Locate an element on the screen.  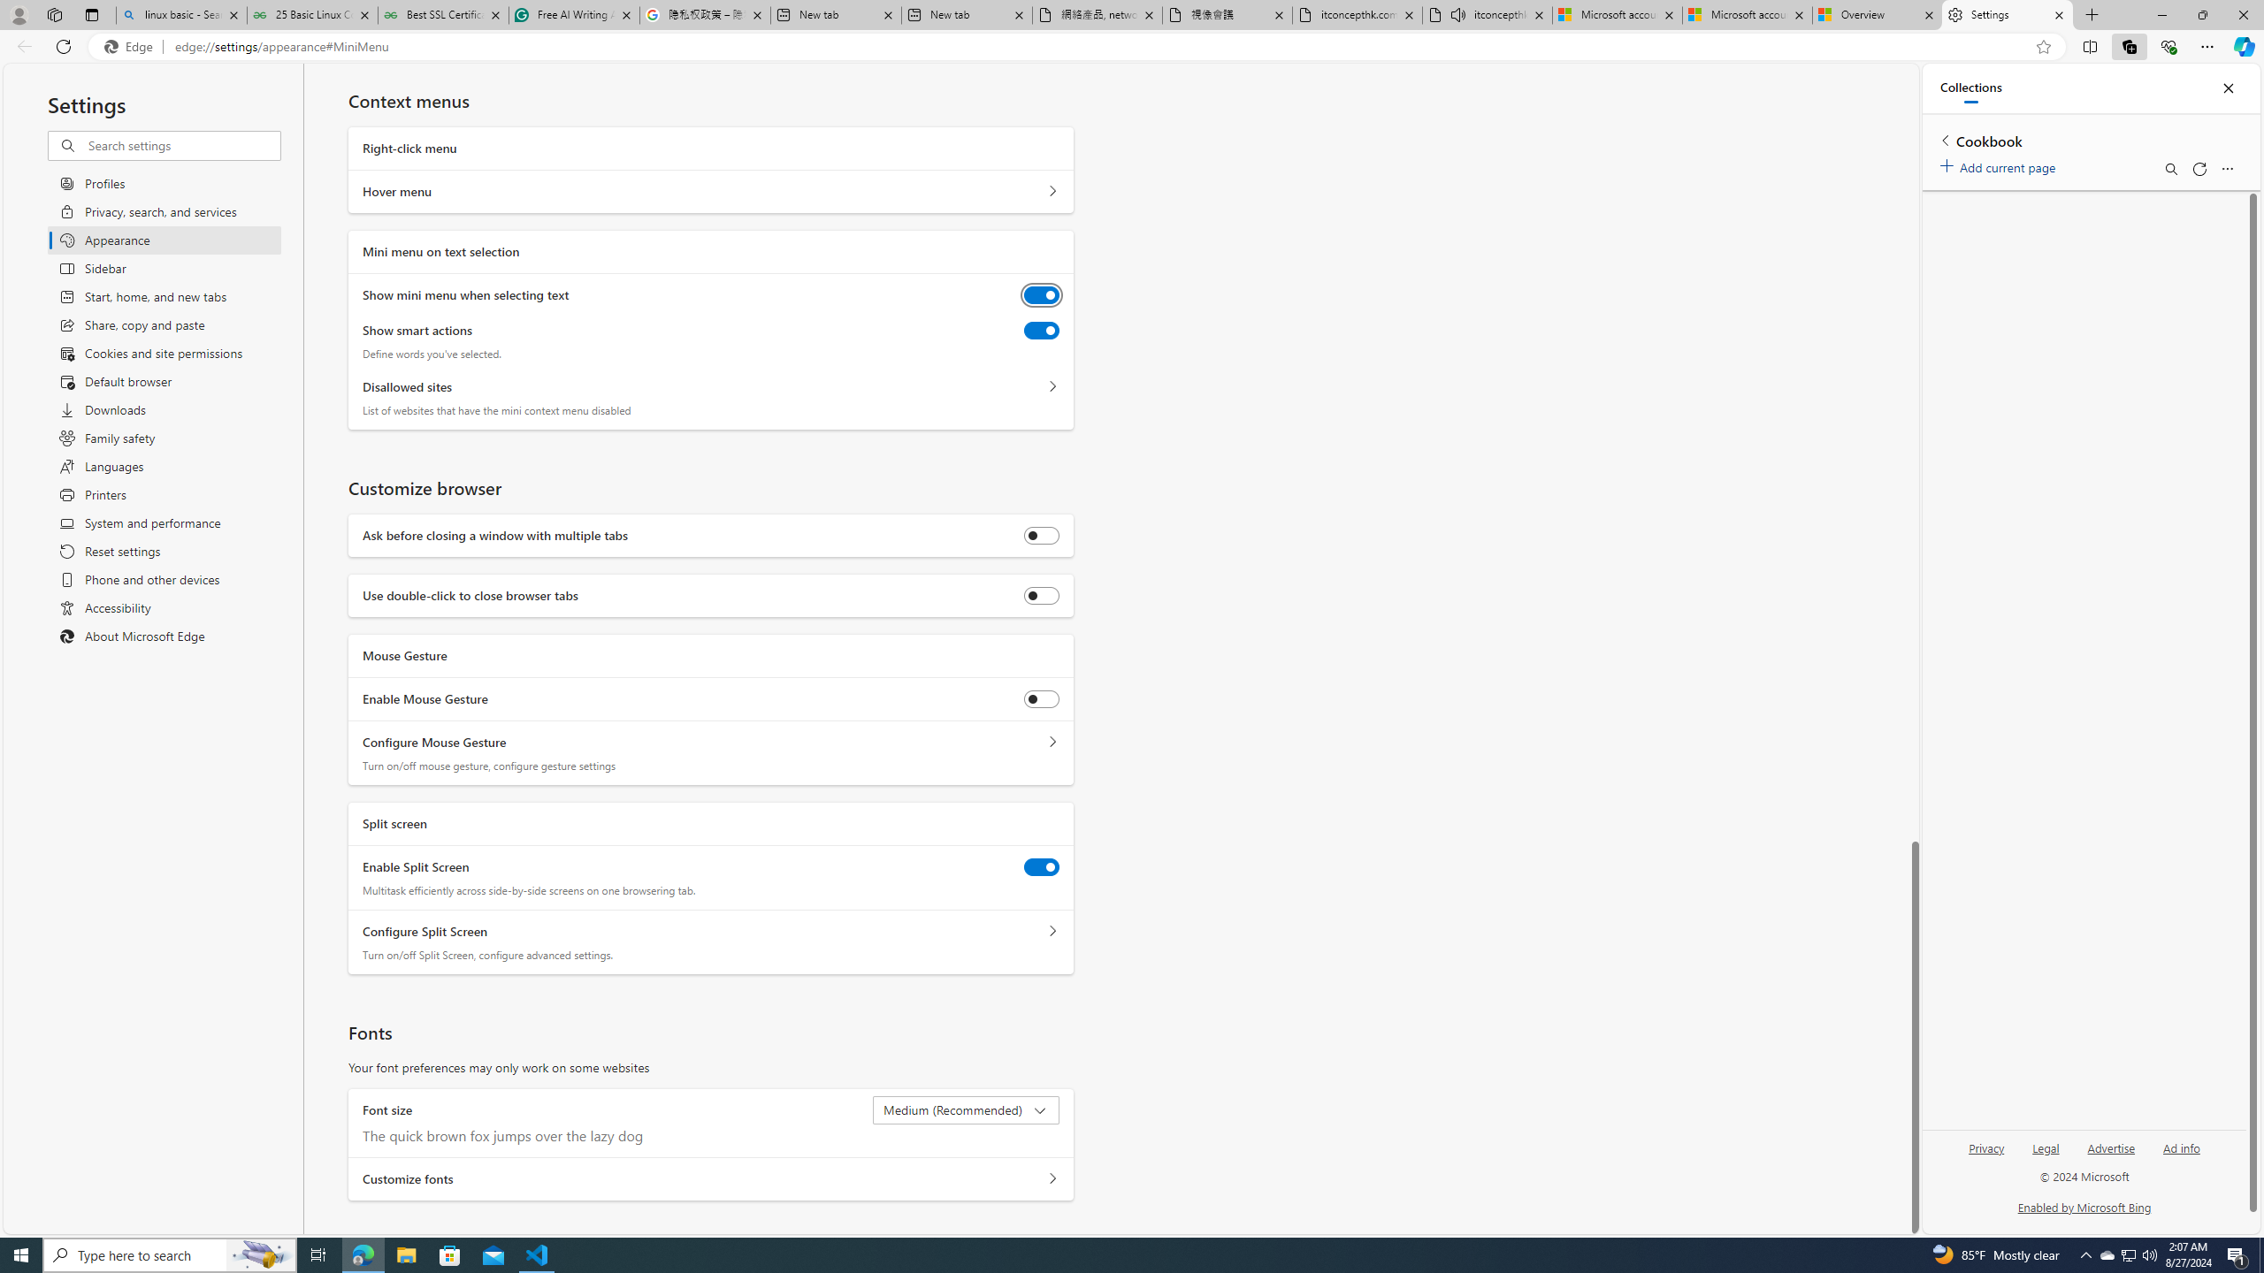
'Search settings' is located at coordinates (183, 145).